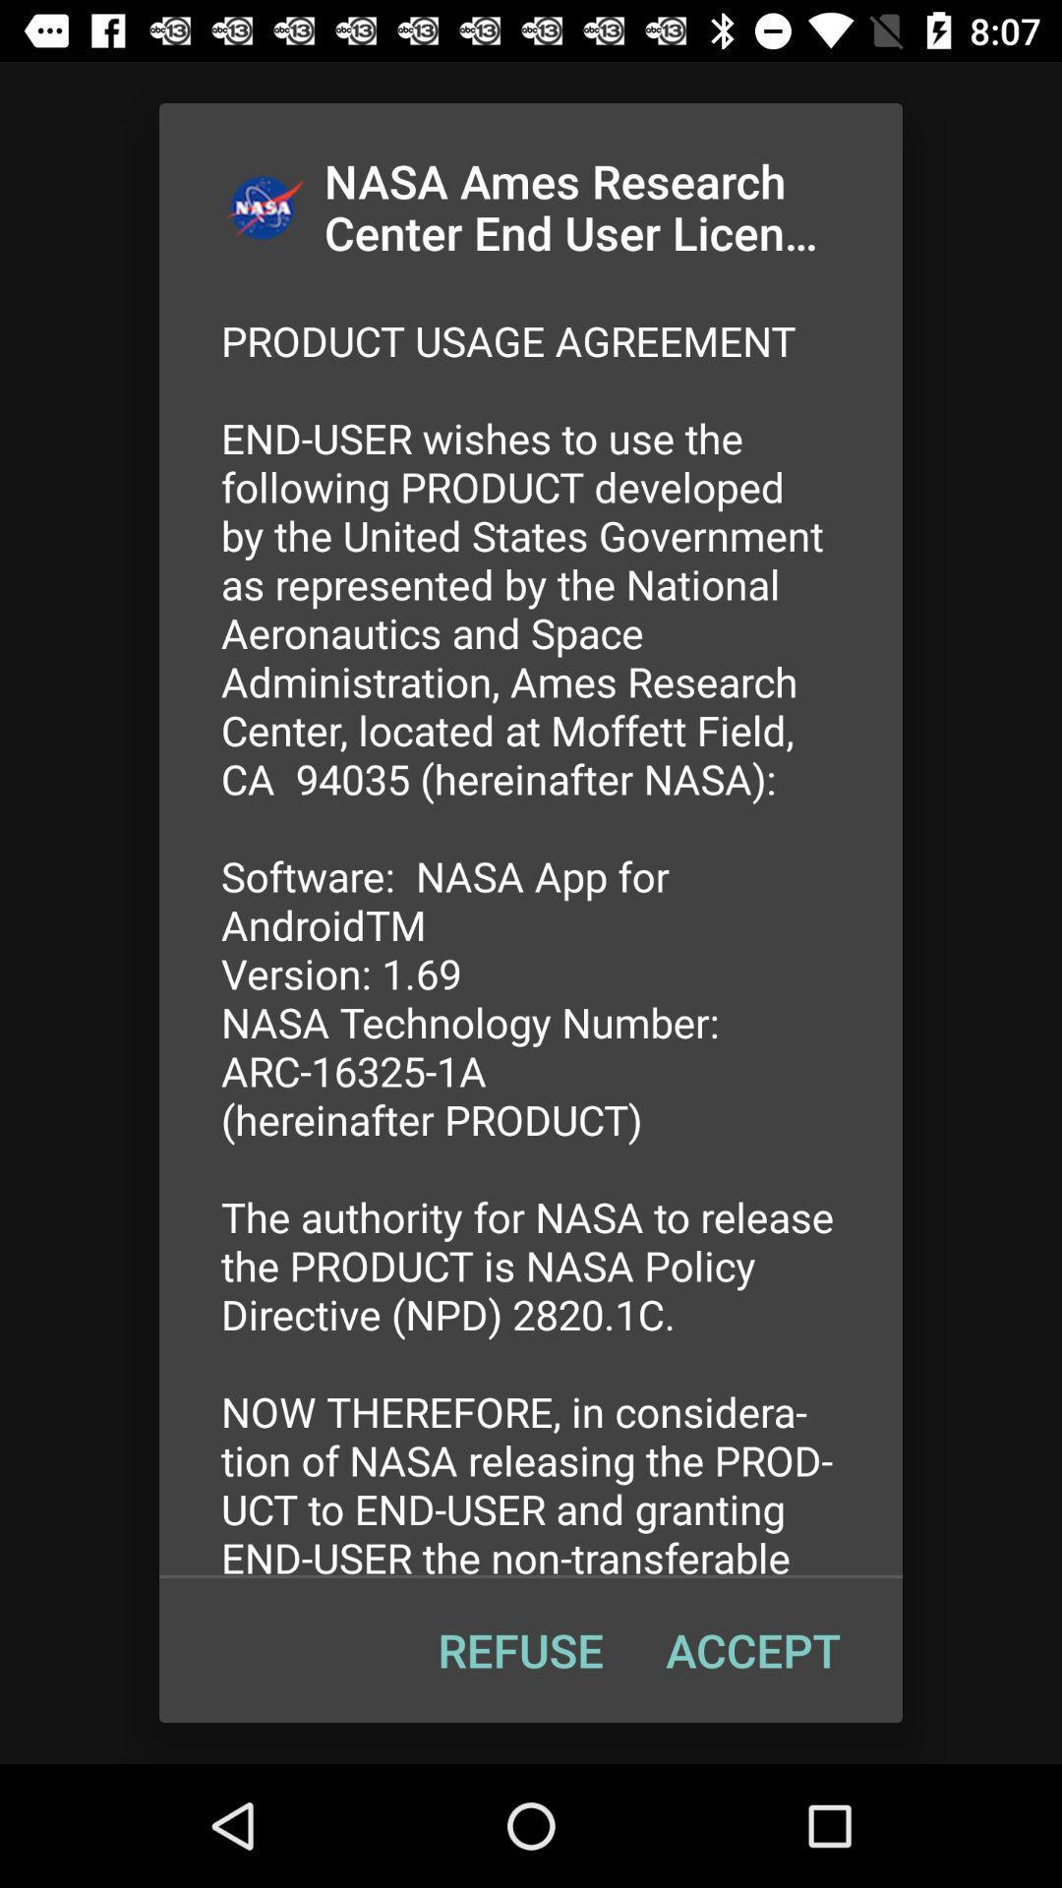 This screenshot has height=1888, width=1062. I want to click on the item next to the accept, so click(519, 1650).